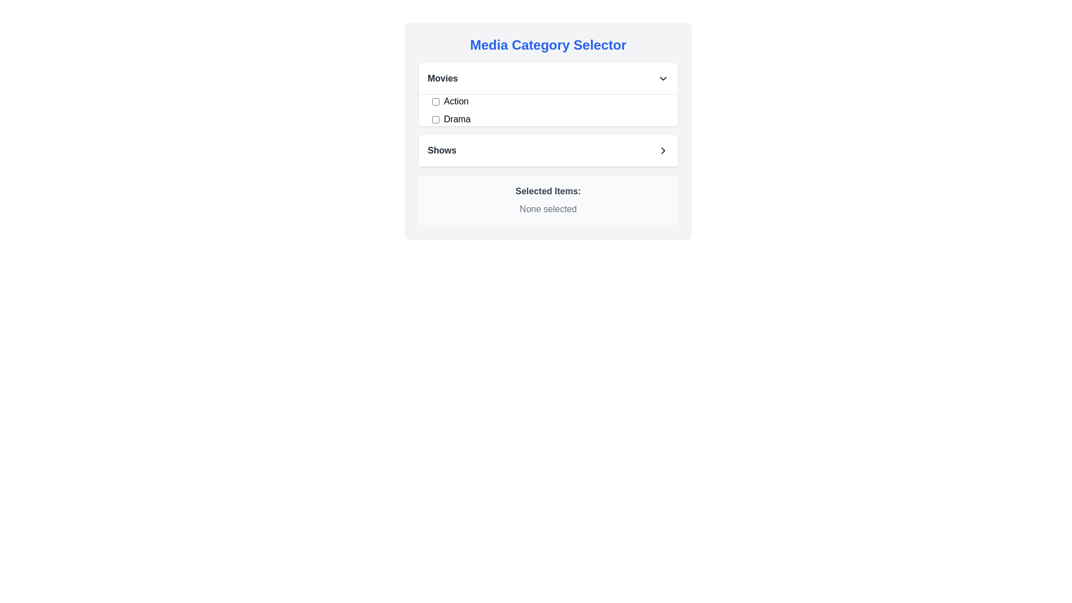  What do you see at coordinates (548, 110) in the screenshot?
I see `the 'Action' checkbox in the 'Movies' section of the 'Media Category Selector' interface by checking it` at bounding box center [548, 110].